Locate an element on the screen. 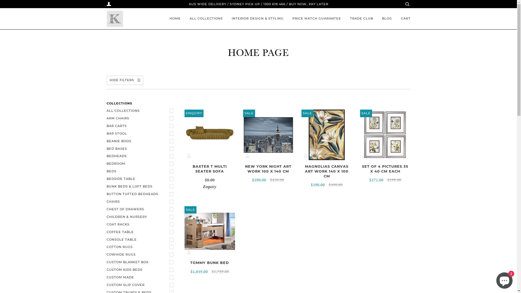  'CUSTOM KIDS BEDS' is located at coordinates (141, 270).